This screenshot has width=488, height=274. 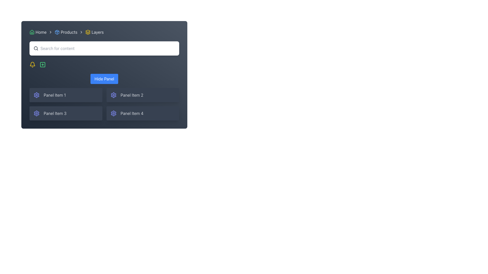 What do you see at coordinates (38, 32) in the screenshot?
I see `the 'Home' link in the breadcrumb navigation bar` at bounding box center [38, 32].